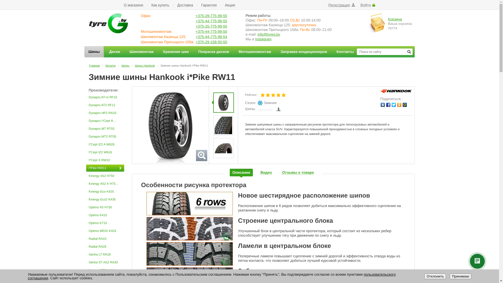 The width and height of the screenshot is (503, 283). What do you see at coordinates (393, 105) in the screenshot?
I see `'Twitter'` at bounding box center [393, 105].